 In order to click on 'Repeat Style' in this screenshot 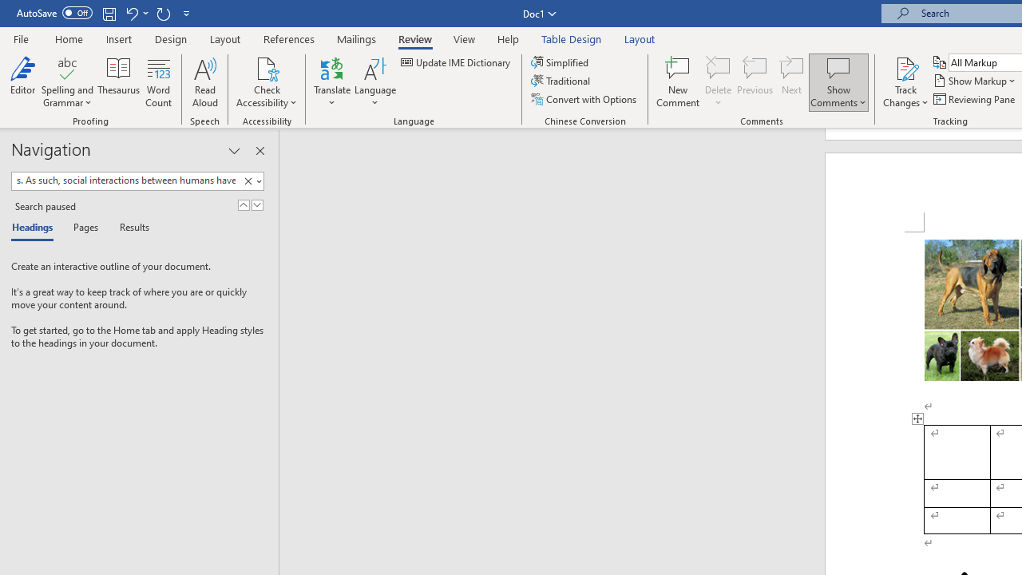, I will do `click(163, 13)`.